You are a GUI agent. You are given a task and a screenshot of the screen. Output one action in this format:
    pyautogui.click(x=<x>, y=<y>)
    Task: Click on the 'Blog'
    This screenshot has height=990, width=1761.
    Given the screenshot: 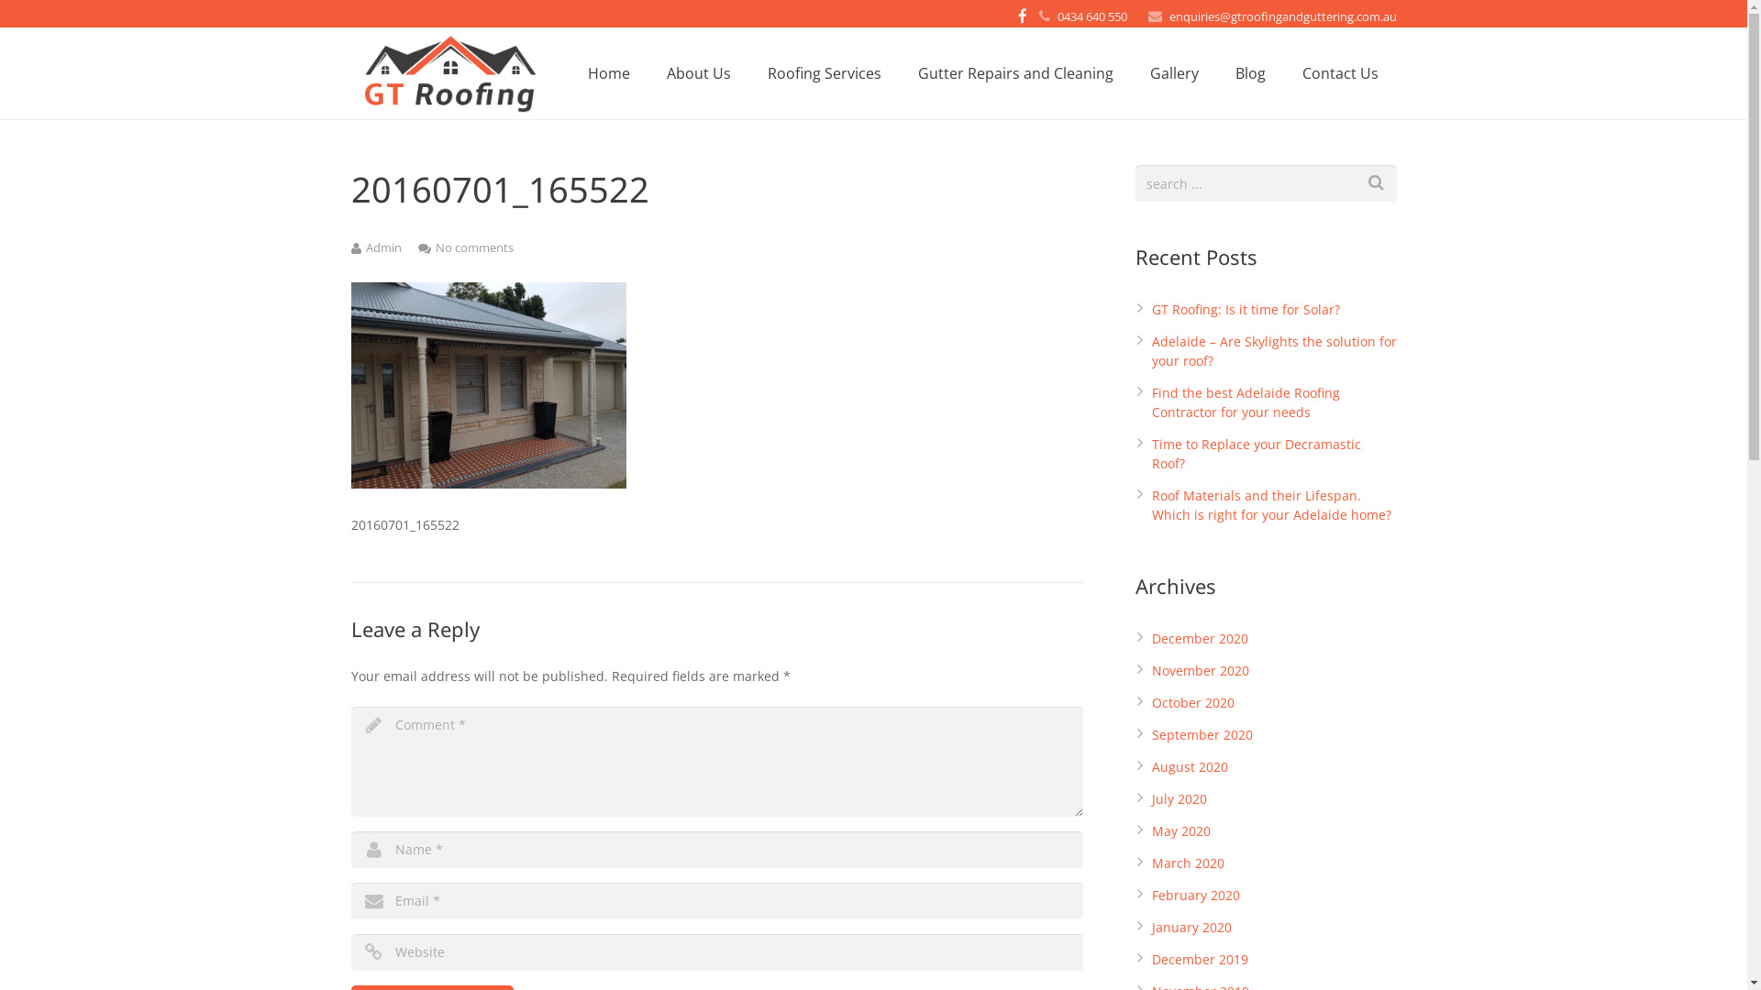 What is the action you would take?
    pyautogui.click(x=1248, y=72)
    